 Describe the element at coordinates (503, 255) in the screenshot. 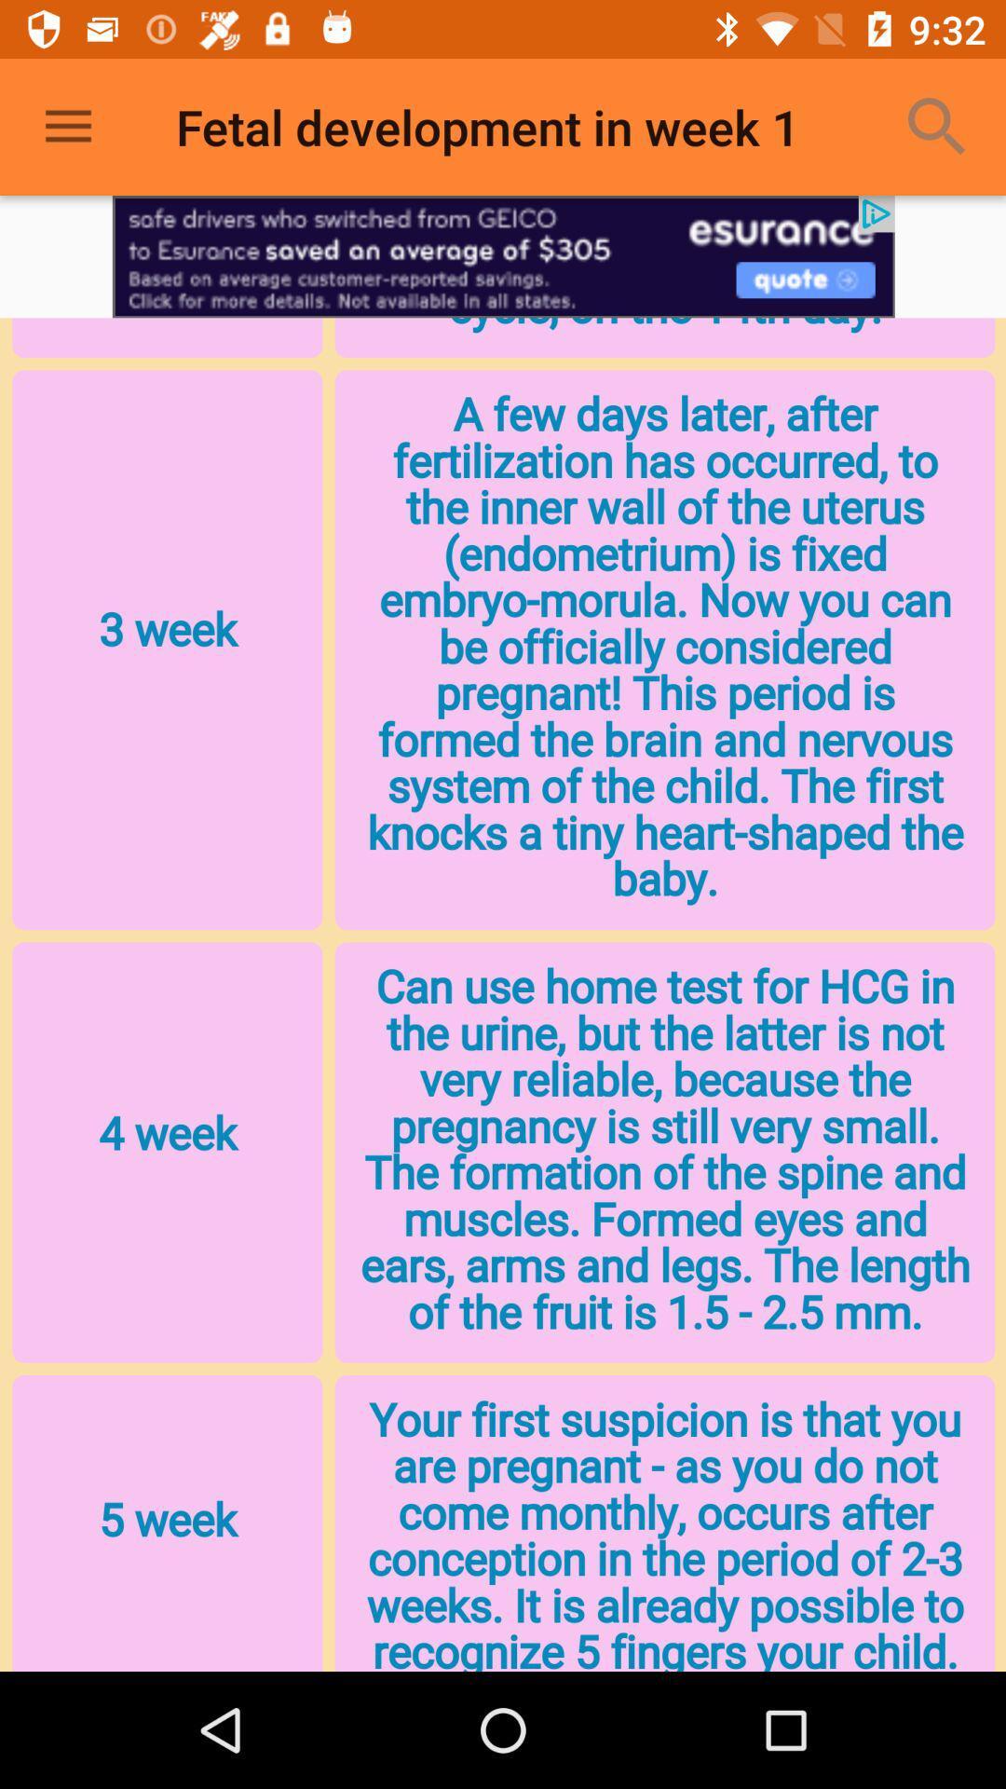

I see `advertisement` at that location.